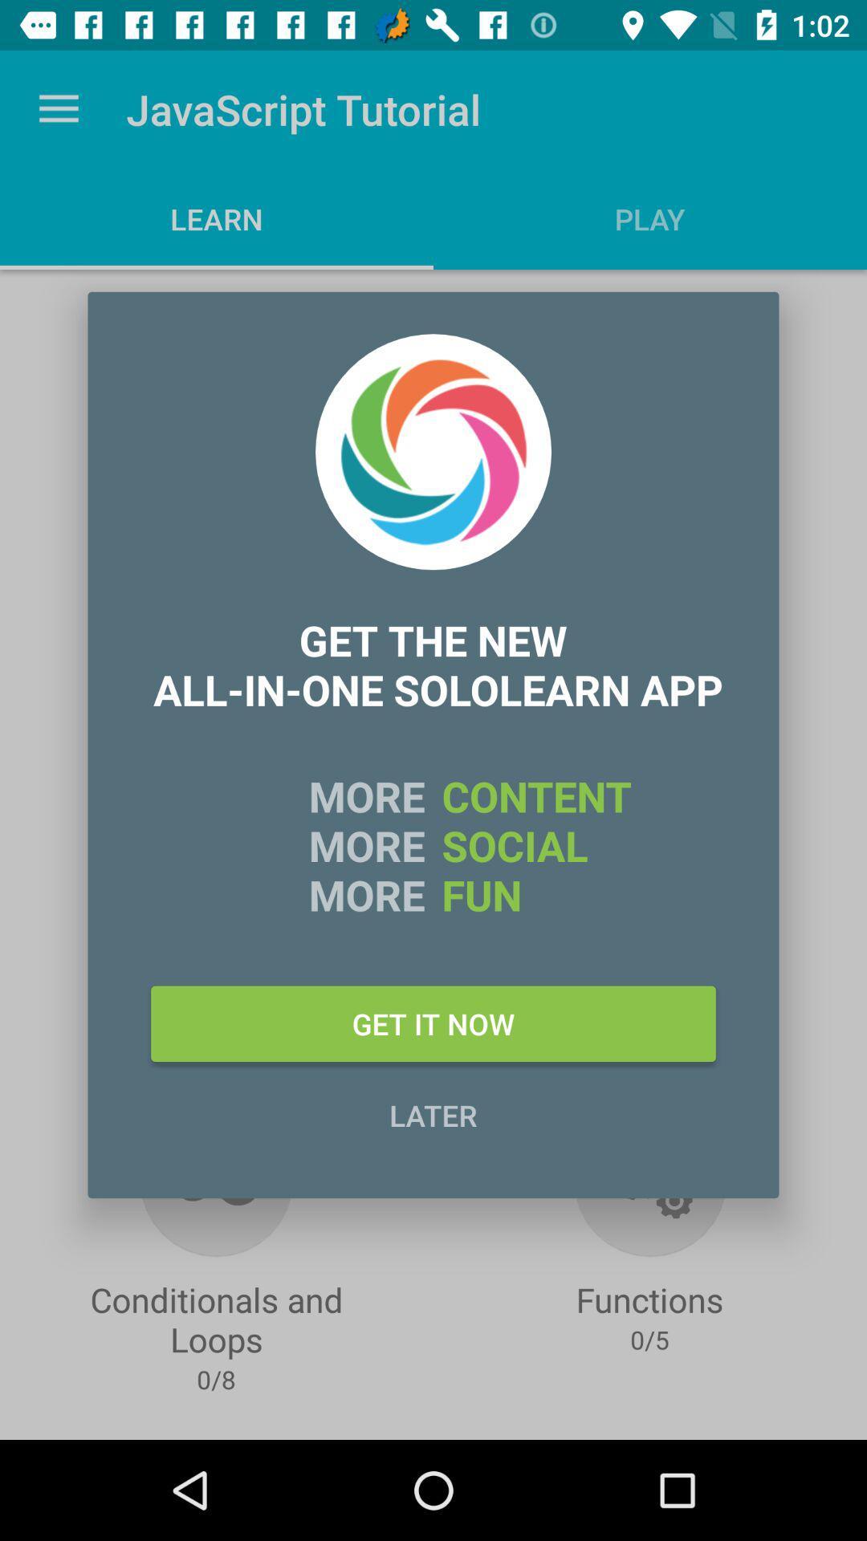 The image size is (867, 1541). I want to click on icon above later icon, so click(433, 1023).